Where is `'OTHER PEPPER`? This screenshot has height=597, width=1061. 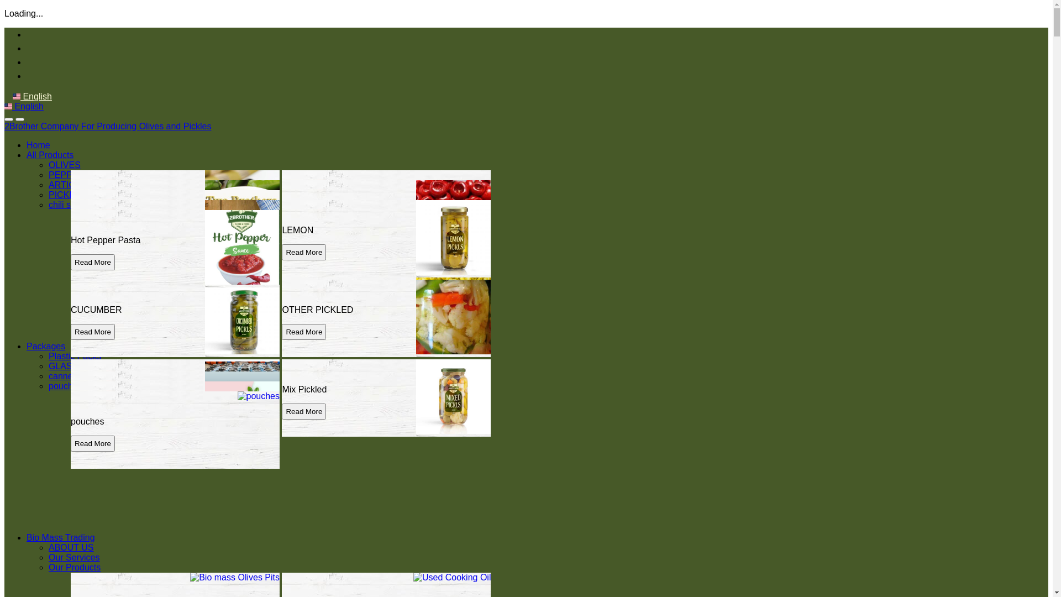
'OTHER PEPPER is located at coordinates (174, 298).